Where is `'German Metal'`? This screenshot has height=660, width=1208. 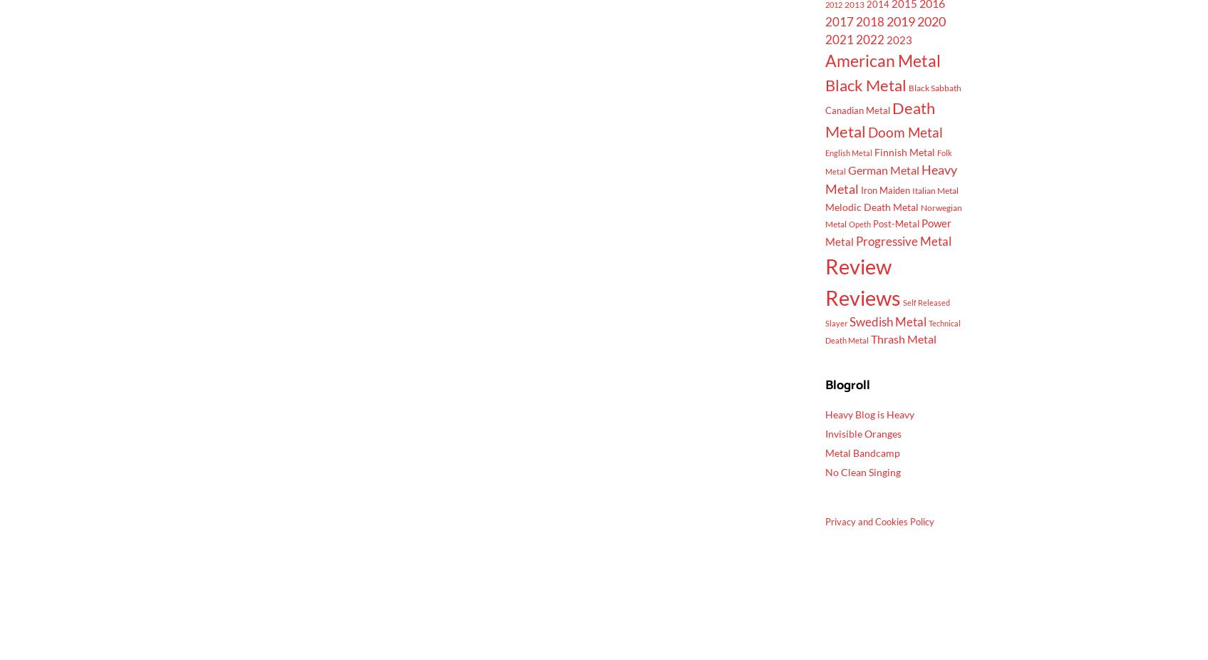 'German Metal' is located at coordinates (883, 170).